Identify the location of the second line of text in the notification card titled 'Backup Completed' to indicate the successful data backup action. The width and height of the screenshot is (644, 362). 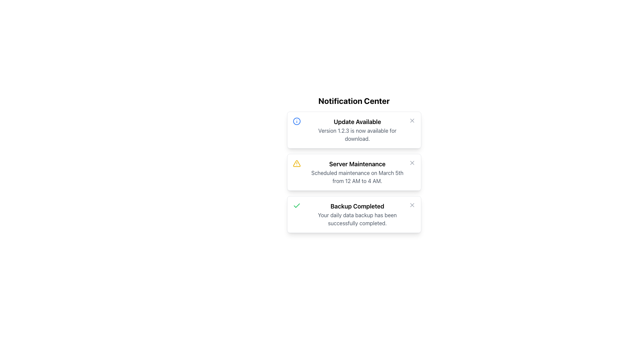
(357, 219).